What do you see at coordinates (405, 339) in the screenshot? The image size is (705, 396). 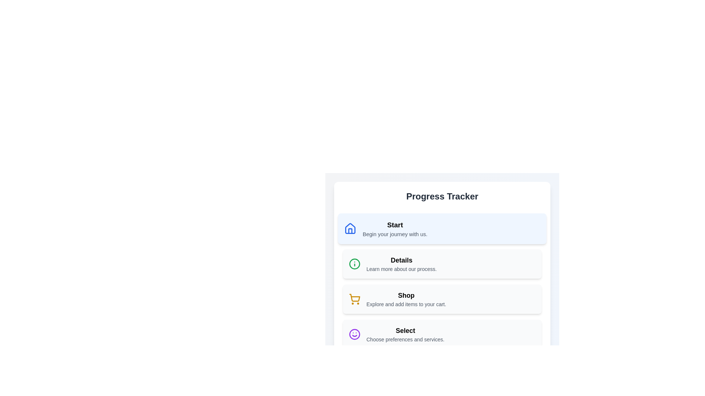 I see `the static text element that provides additional descriptive information directly beneath the 'Select' title in the progress tracker display` at bounding box center [405, 339].